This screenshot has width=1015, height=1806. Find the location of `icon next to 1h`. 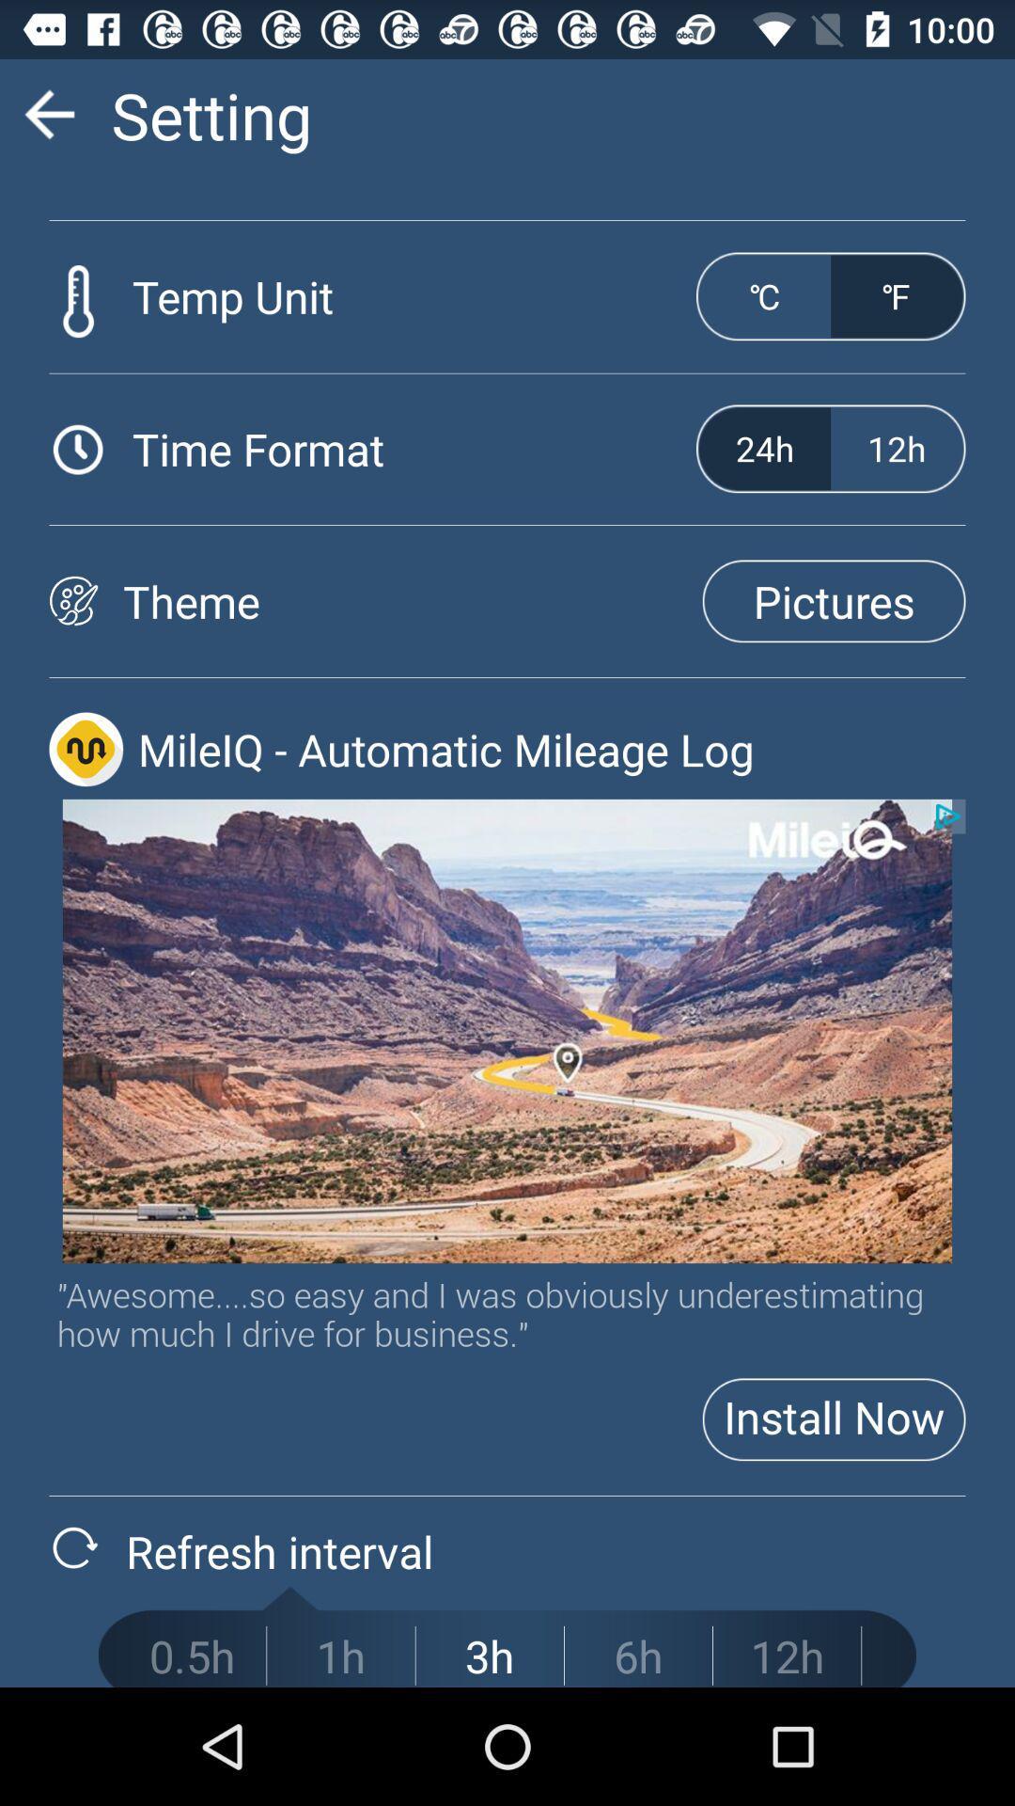

icon next to 1h is located at coordinates (489, 1655).